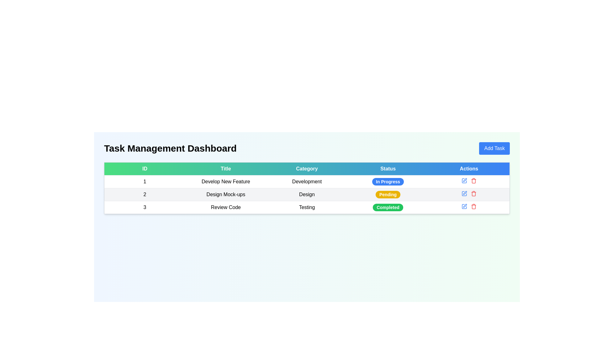  I want to click on the table cell containing the text 'Develop New Feature', which is the second column in the first row under the 'Title' header, so click(226, 181).